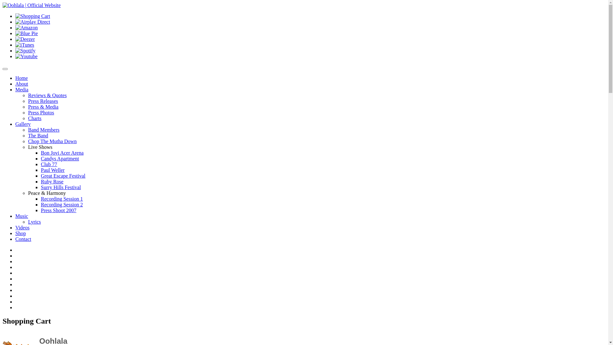 This screenshot has width=613, height=345. I want to click on 'Live Shows', so click(40, 147).